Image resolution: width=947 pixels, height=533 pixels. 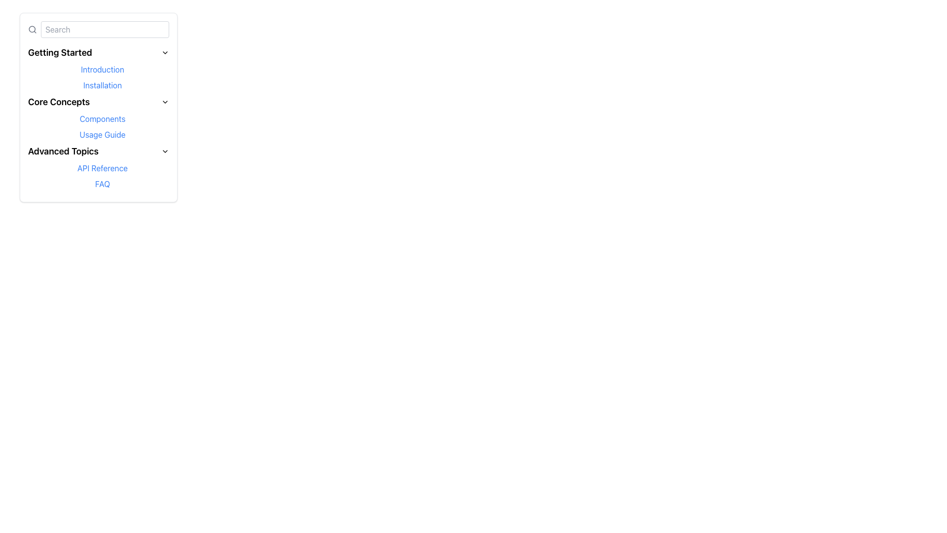 I want to click on the 'API Reference' and 'FAQ' links in the Grouped Navigation Links under the 'Advanced Topics' section in the left navigation menu, so click(x=99, y=176).